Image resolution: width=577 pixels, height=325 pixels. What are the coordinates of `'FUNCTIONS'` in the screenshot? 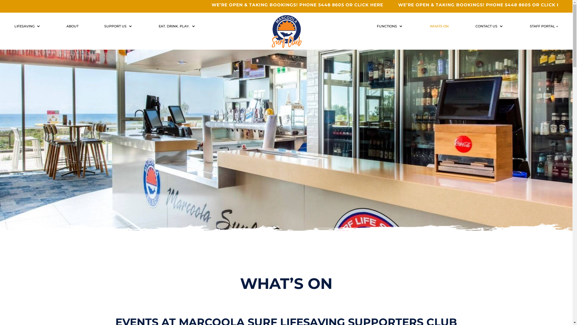 It's located at (390, 27).